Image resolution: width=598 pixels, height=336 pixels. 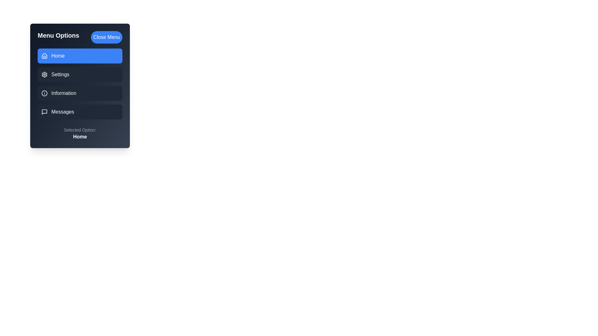 What do you see at coordinates (80, 74) in the screenshot?
I see `the 'Settings' button in the side menu panel` at bounding box center [80, 74].